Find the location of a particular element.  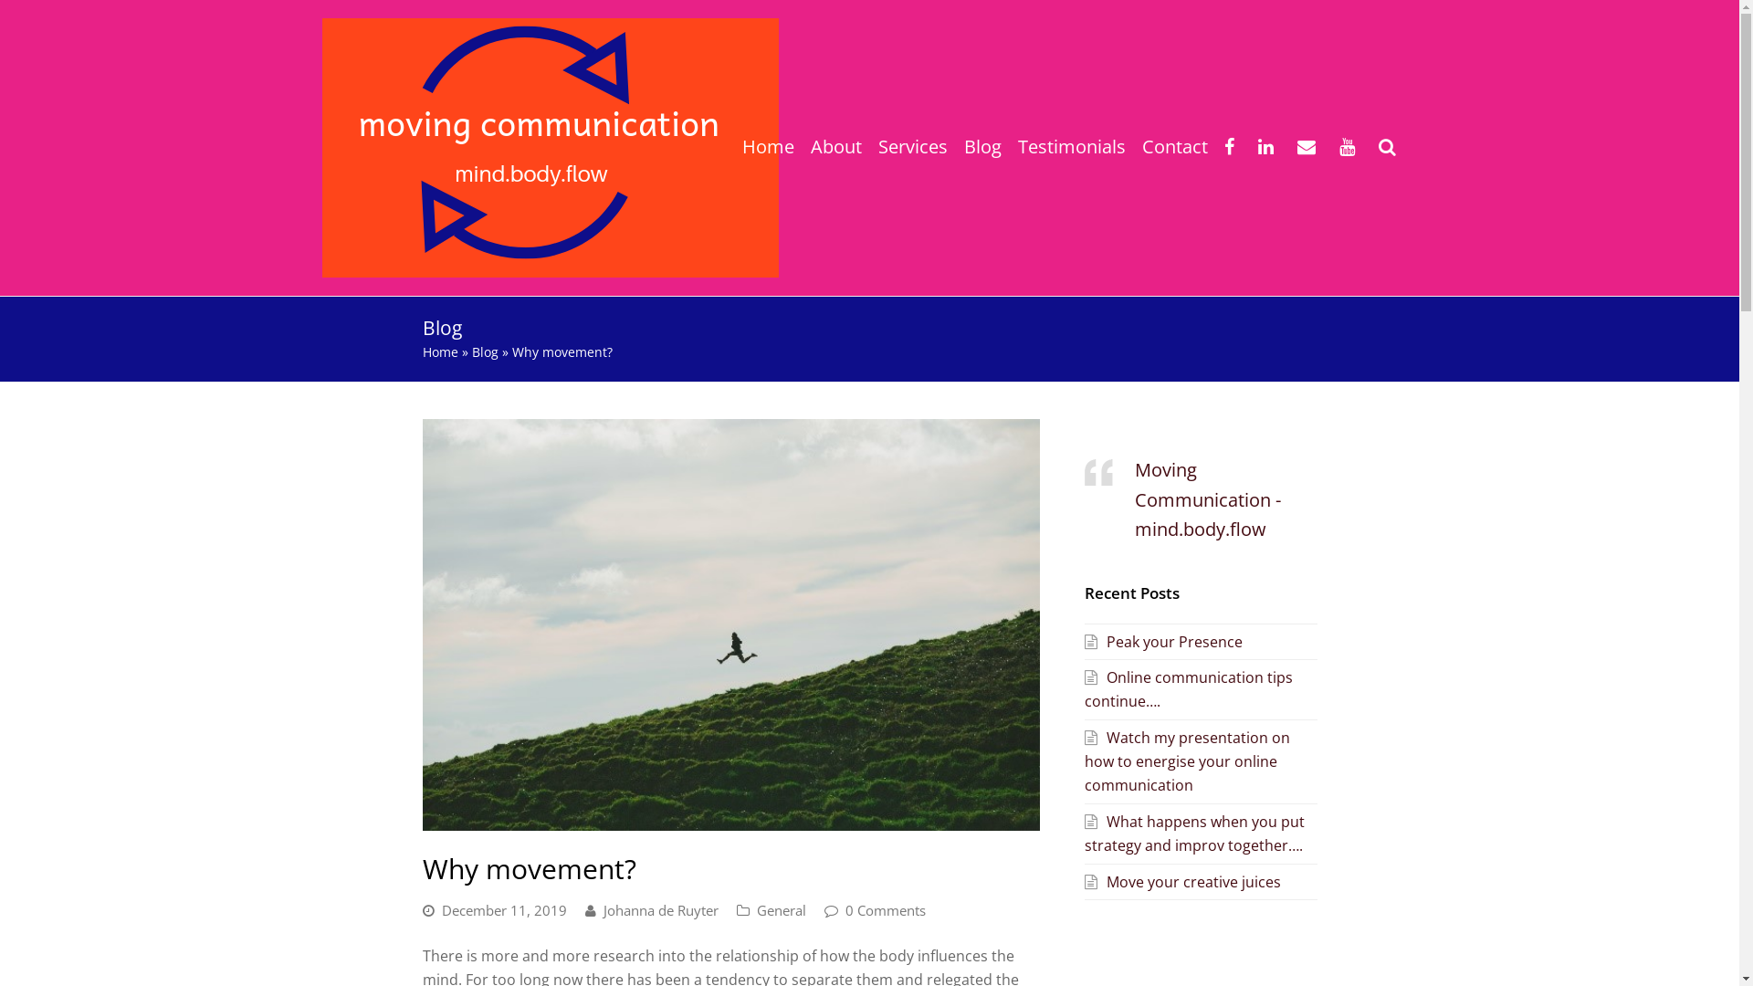

'Johanna de Ruyter' is located at coordinates (659, 909).